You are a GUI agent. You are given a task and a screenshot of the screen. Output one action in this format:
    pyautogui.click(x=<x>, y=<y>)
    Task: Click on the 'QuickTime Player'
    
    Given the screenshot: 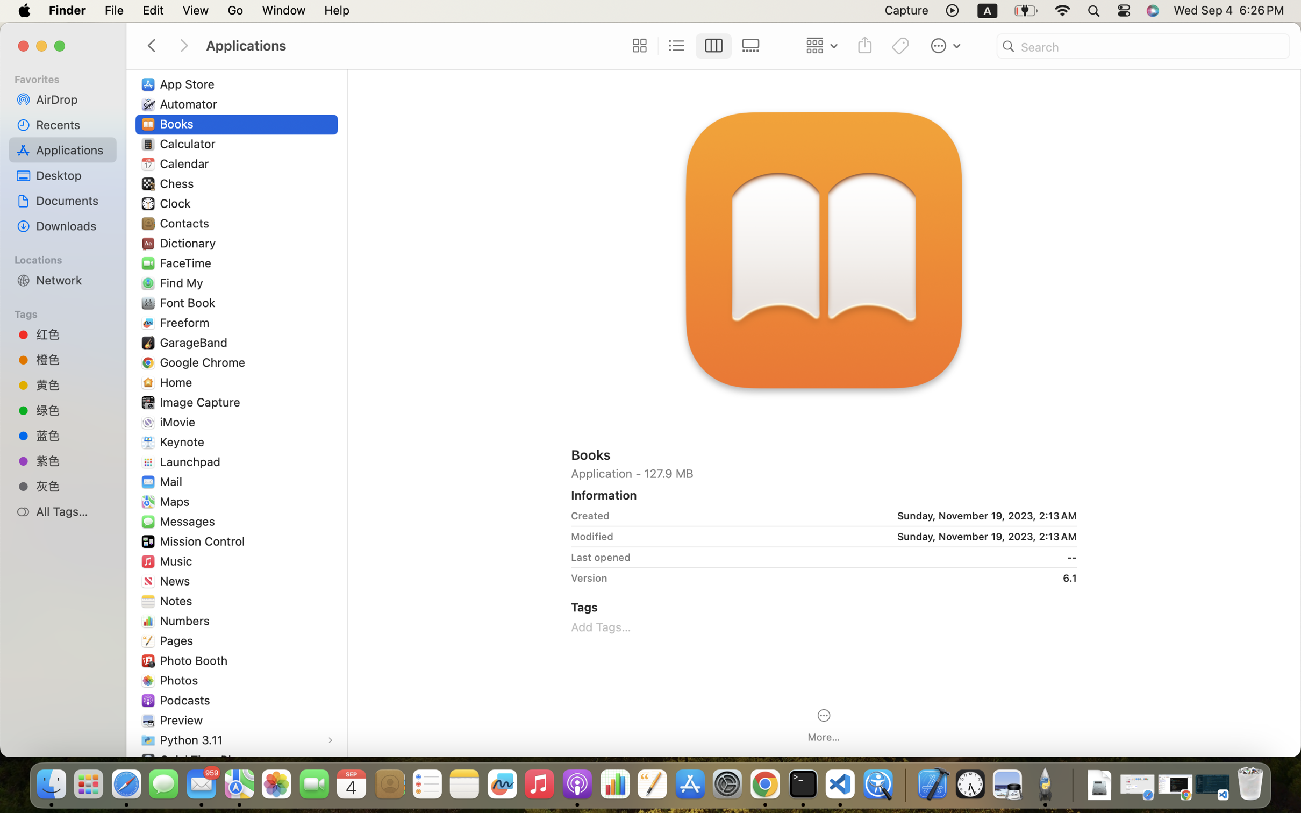 What is the action you would take?
    pyautogui.click(x=209, y=759)
    